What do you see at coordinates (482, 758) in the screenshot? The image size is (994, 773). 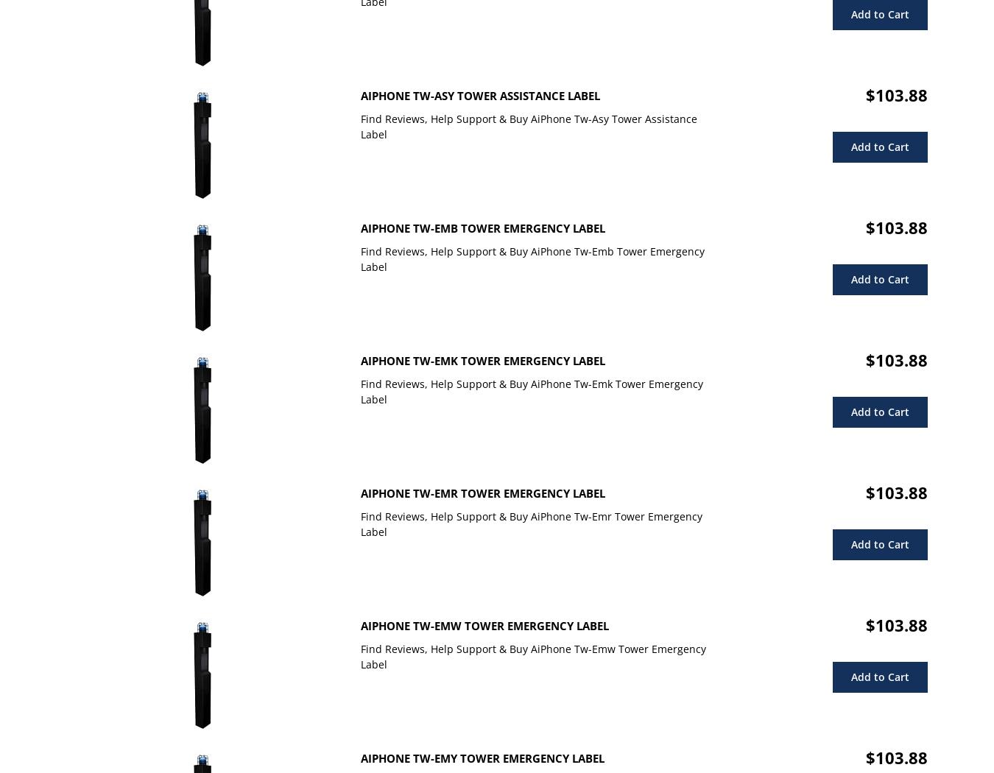 I see `'AiPhone Tw-Emy Tower Emergency Label'` at bounding box center [482, 758].